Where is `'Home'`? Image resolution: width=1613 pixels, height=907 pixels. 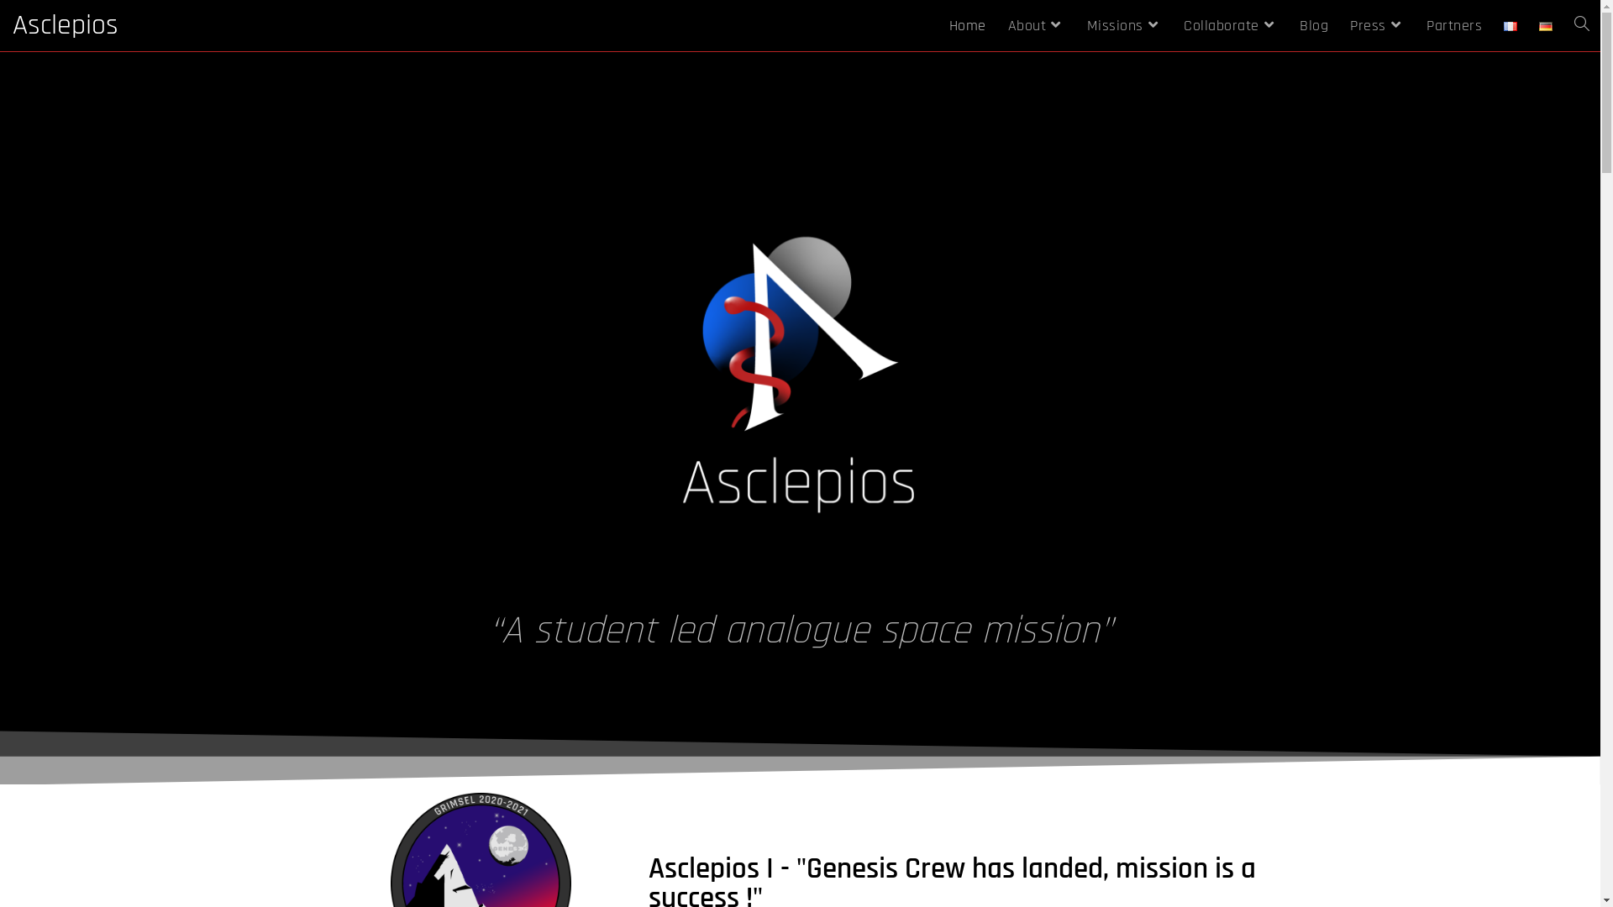 'Home' is located at coordinates (937, 25).